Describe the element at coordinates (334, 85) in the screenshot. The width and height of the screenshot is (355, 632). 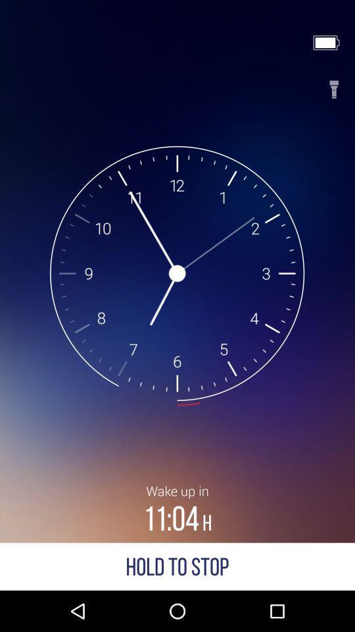
I see `ativar lanterna` at that location.